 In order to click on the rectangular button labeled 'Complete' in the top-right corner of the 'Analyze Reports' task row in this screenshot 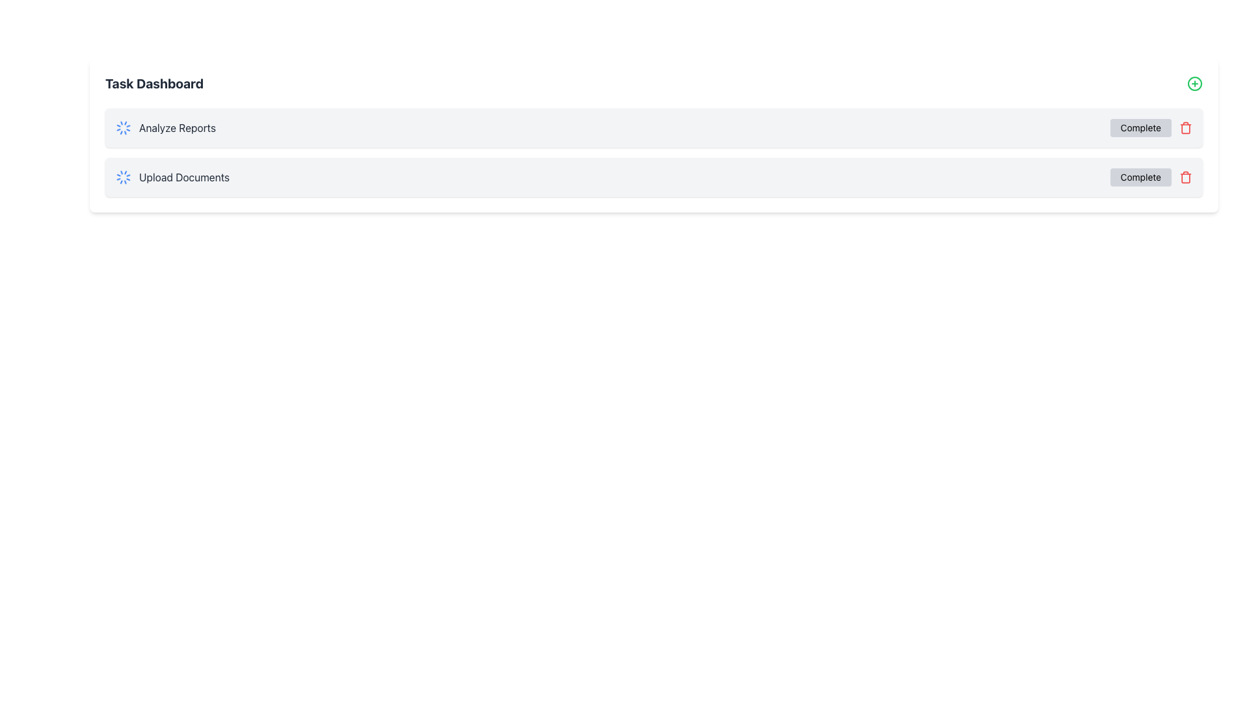, I will do `click(1140, 127)`.